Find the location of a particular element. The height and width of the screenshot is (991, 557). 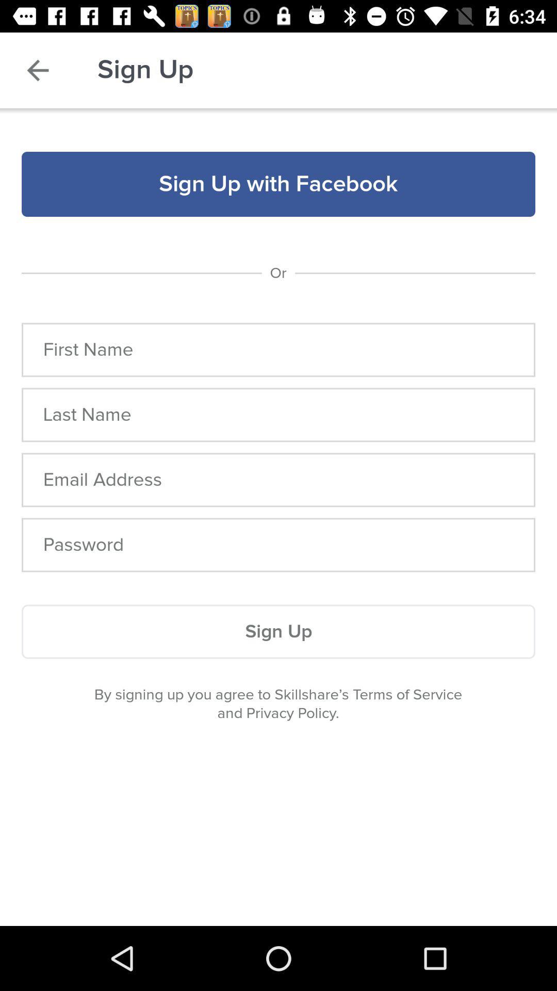

item above sign up icon is located at coordinates (278, 545).